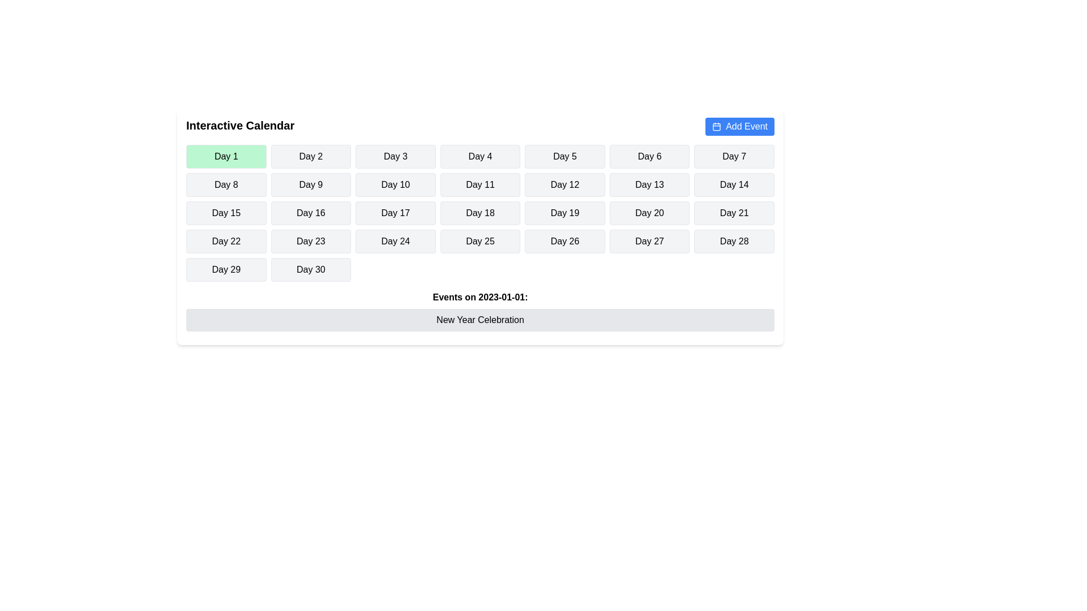 This screenshot has height=611, width=1087. Describe the element at coordinates (311, 213) in the screenshot. I see `the button representing the 16th day in the monthly calendar view` at that location.